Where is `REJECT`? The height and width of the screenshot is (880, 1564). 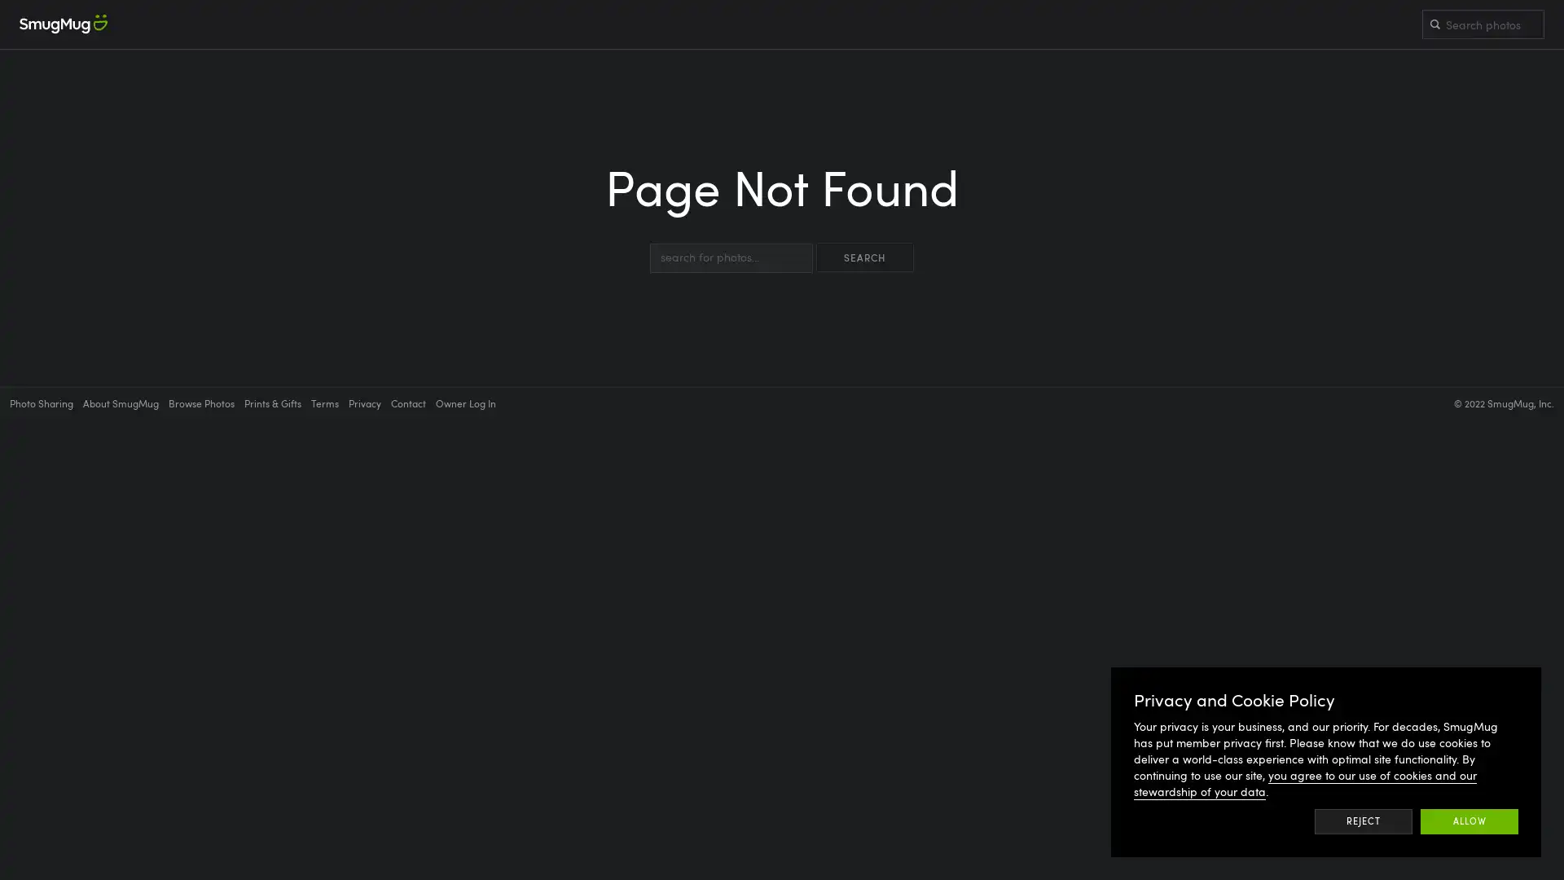 REJECT is located at coordinates (1363, 821).